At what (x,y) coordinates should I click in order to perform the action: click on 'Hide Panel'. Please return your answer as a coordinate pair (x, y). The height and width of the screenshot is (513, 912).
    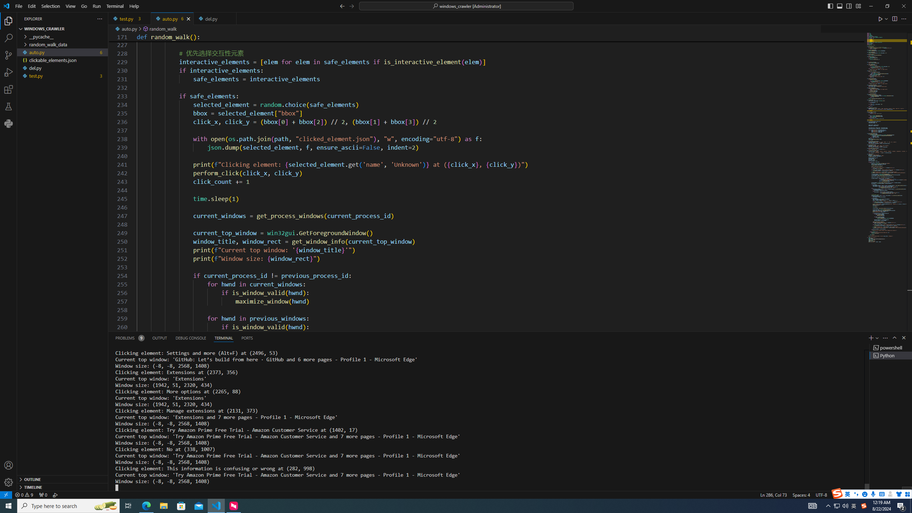
    Looking at the image, I should click on (903, 337).